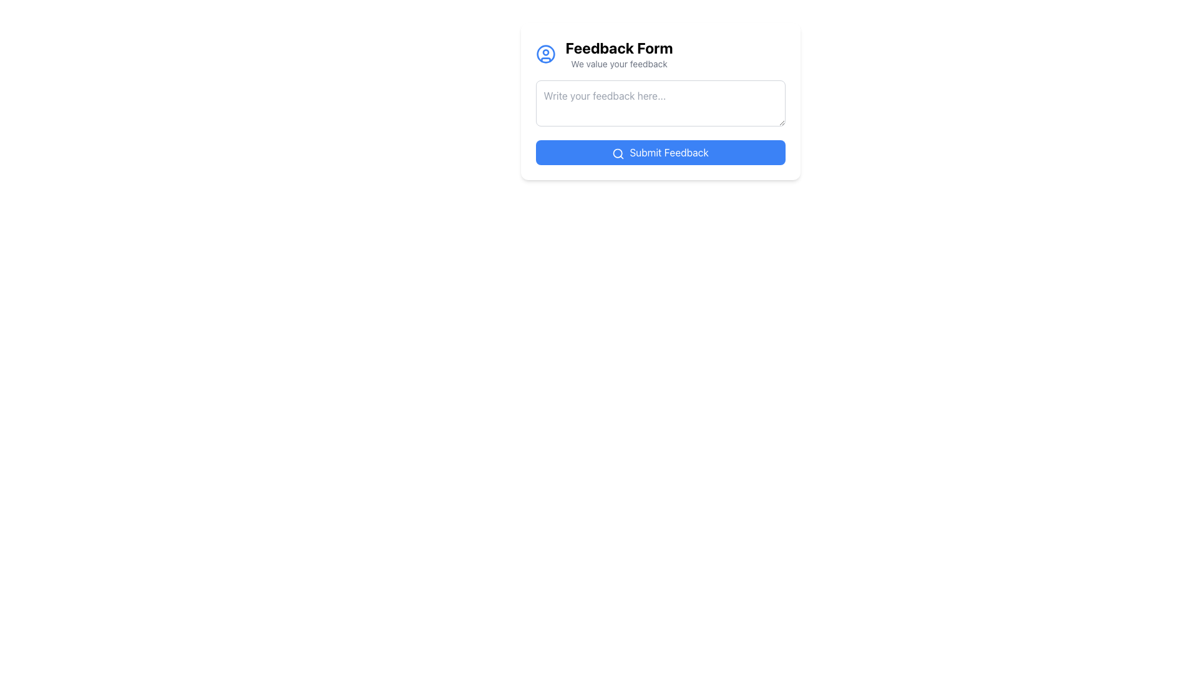  Describe the element at coordinates (619, 64) in the screenshot. I see `the static text that reads 'We value your feedback' located beneath the header 'Feedback Form' in the feedback form interface` at that location.